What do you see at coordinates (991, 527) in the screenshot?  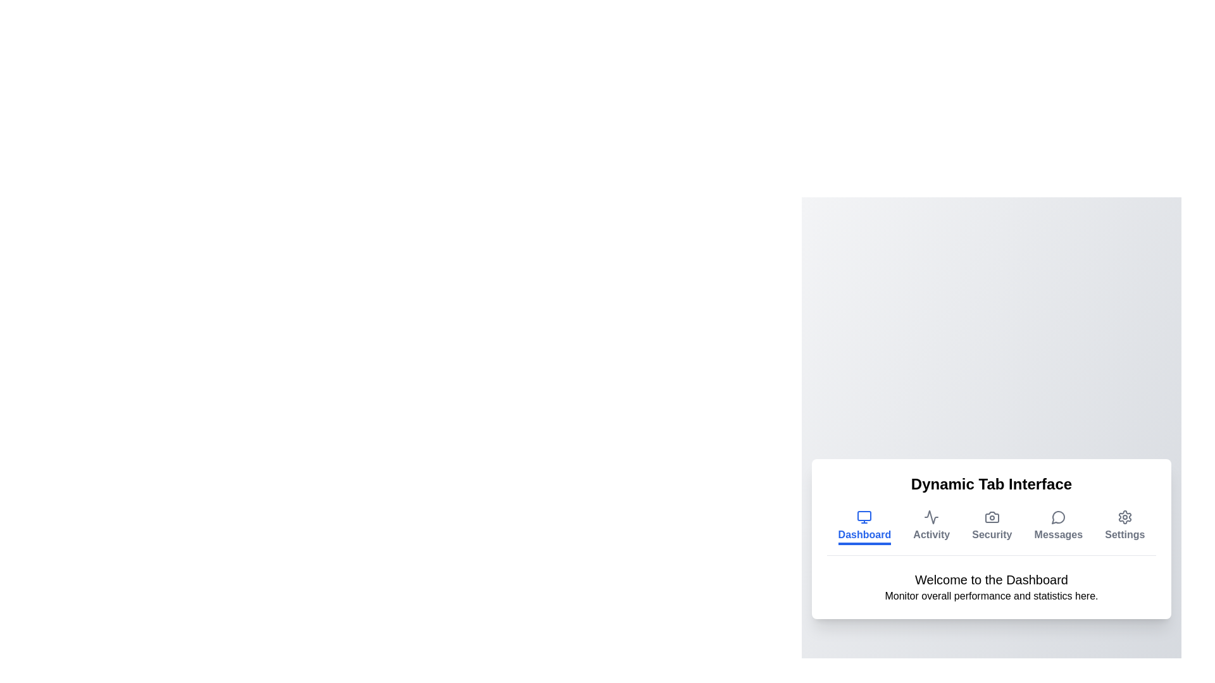 I see `the third button in the horizontal navigation menu` at bounding box center [991, 527].